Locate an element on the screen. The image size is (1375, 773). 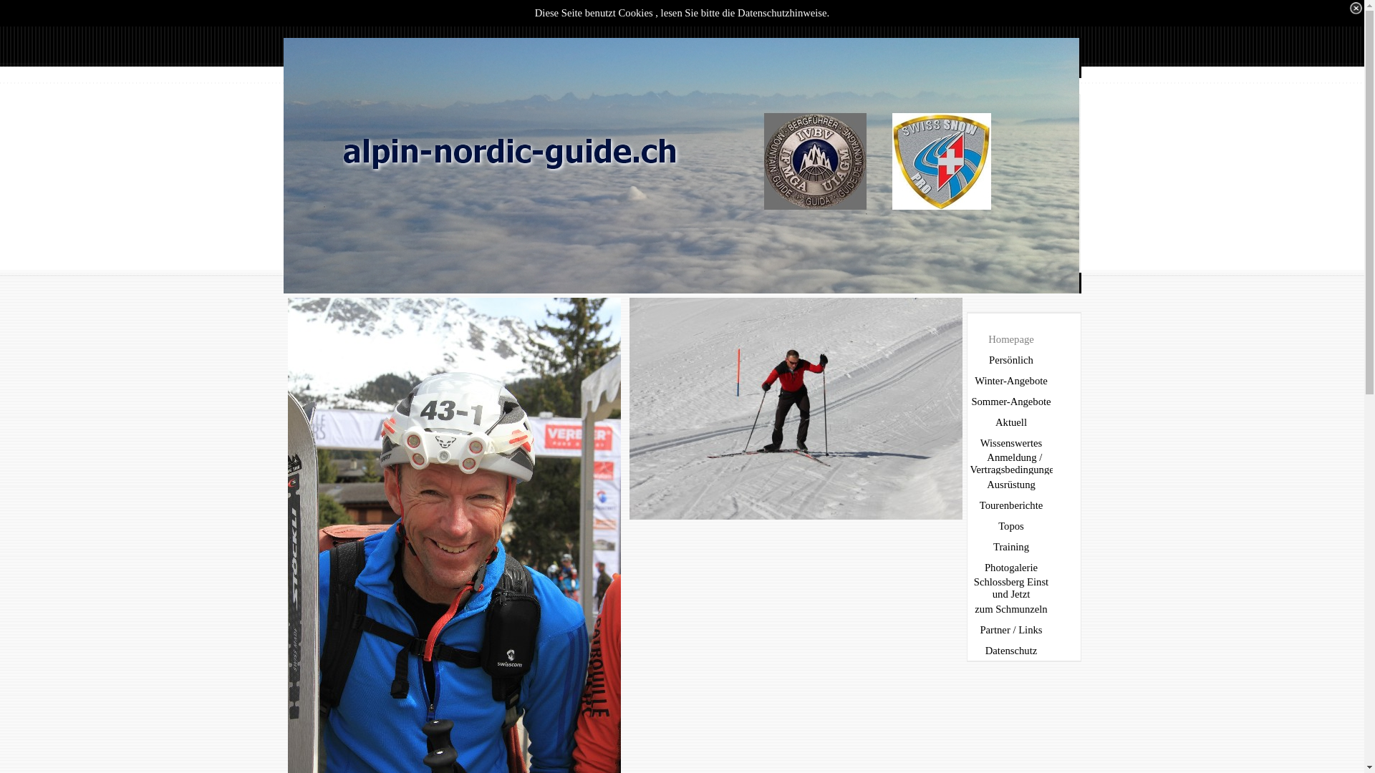
'Tourenberichte' is located at coordinates (969, 505).